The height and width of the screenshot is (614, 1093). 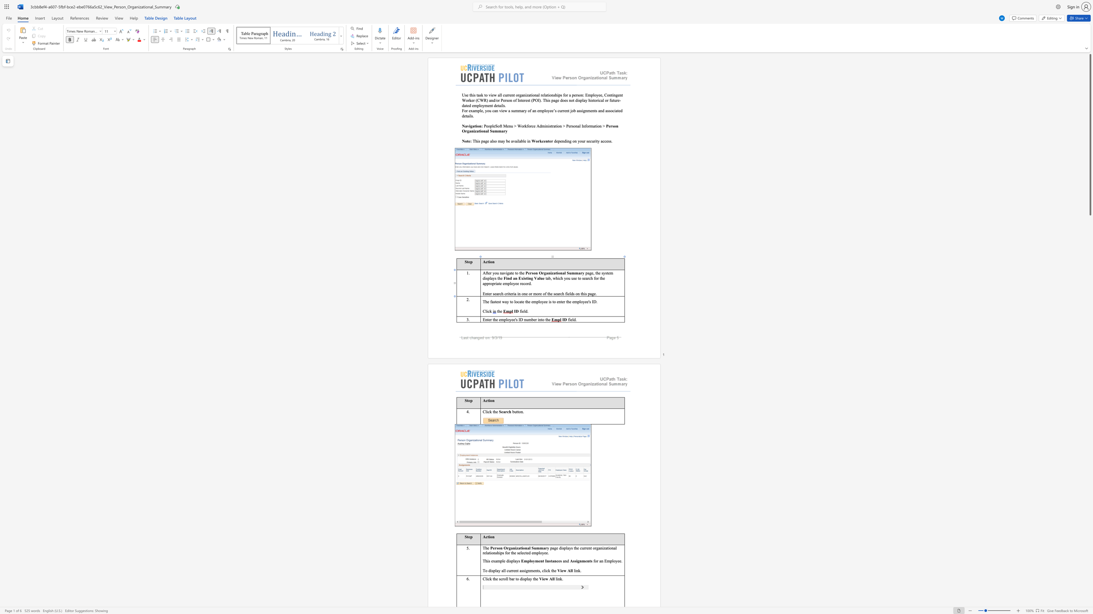 I want to click on the space between the continuous character "I" and "D" in the text, so click(x=520, y=319).